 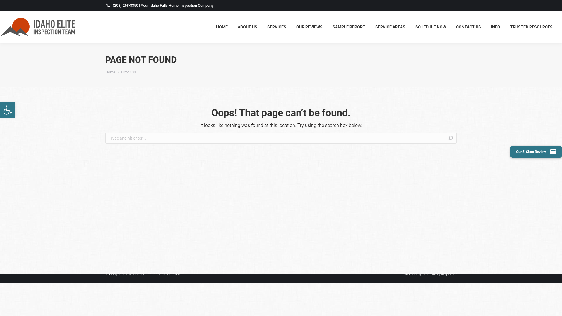 What do you see at coordinates (7, 110) in the screenshot?
I see `'Open toolbar` at bounding box center [7, 110].